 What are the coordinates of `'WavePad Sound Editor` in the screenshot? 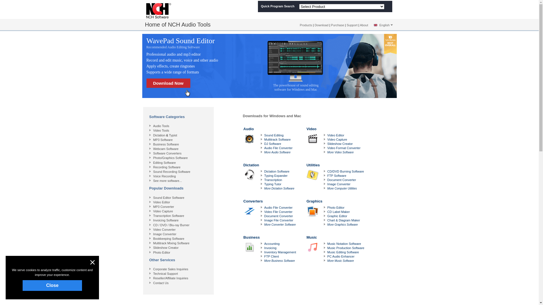 It's located at (189, 43).